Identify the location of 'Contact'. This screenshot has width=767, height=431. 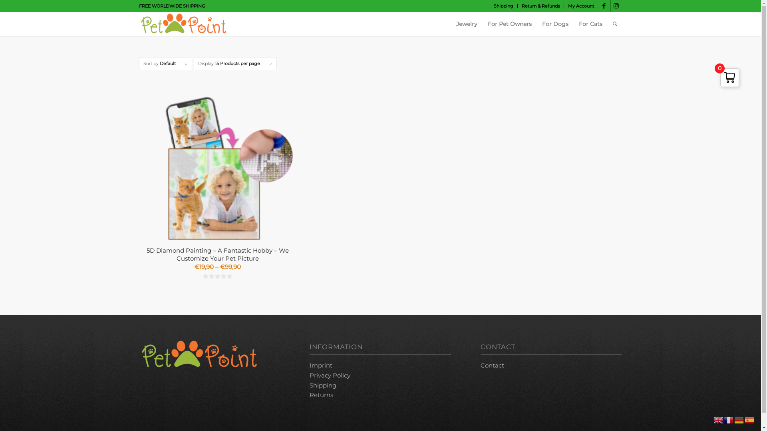
(492, 365).